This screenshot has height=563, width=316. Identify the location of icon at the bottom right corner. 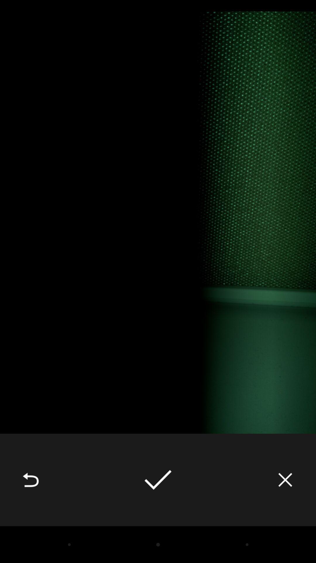
(285, 480).